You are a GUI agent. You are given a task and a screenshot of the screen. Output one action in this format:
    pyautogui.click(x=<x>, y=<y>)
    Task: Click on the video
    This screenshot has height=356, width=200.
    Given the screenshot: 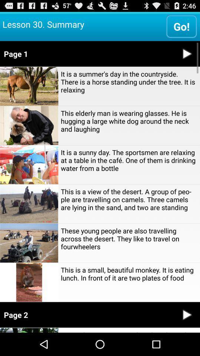 What is the action you would take?
    pyautogui.click(x=187, y=53)
    